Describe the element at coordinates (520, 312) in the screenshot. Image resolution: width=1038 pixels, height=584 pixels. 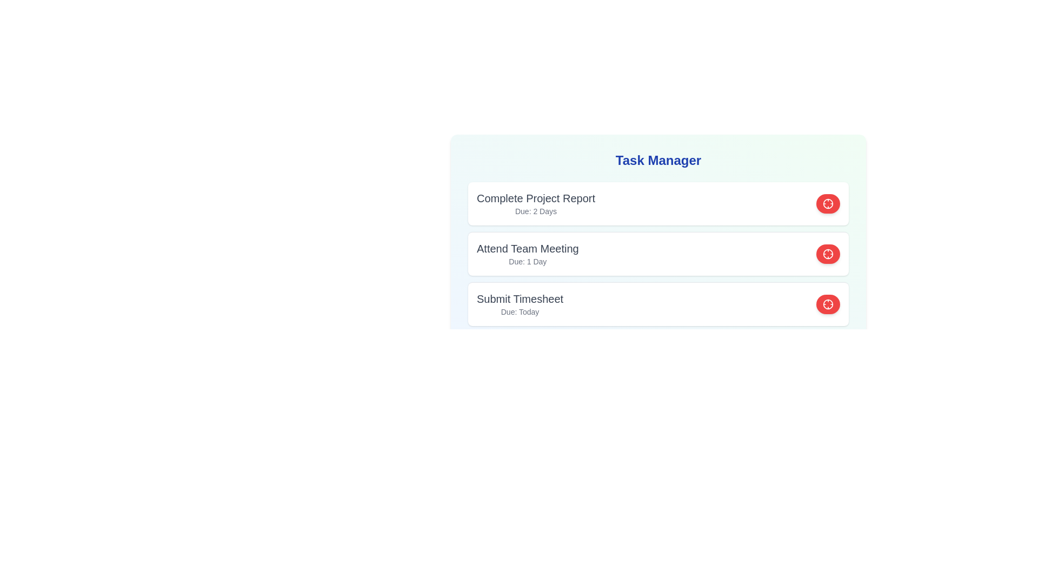
I see `the text label that reads 'Due: Today', which is styled in a small gray font and located below the 'Submit Timesheet' heading` at that location.